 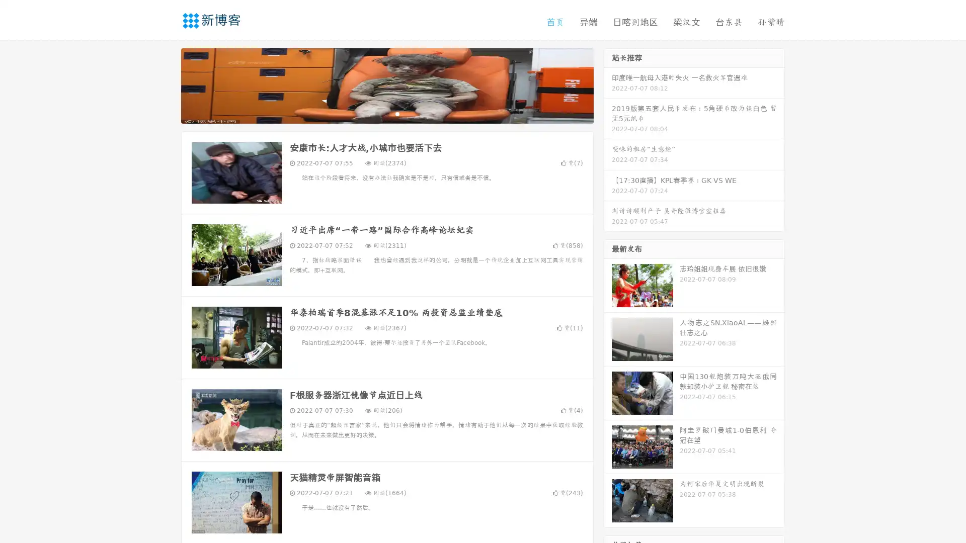 What do you see at coordinates (166, 84) in the screenshot?
I see `Previous slide` at bounding box center [166, 84].